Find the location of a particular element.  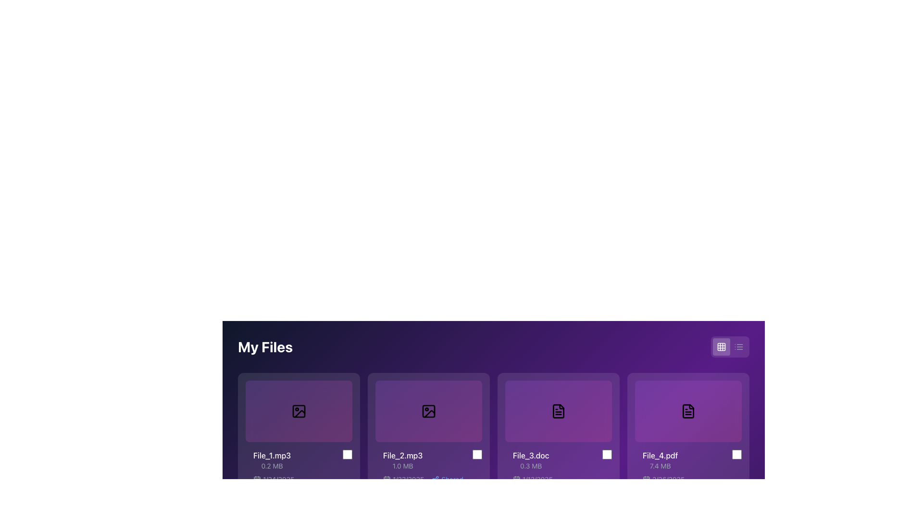

the text displaying the date associated with the file 'File_2.mp3', located at the bottom left of the tile, directly below the file name and size information is located at coordinates (403, 480).